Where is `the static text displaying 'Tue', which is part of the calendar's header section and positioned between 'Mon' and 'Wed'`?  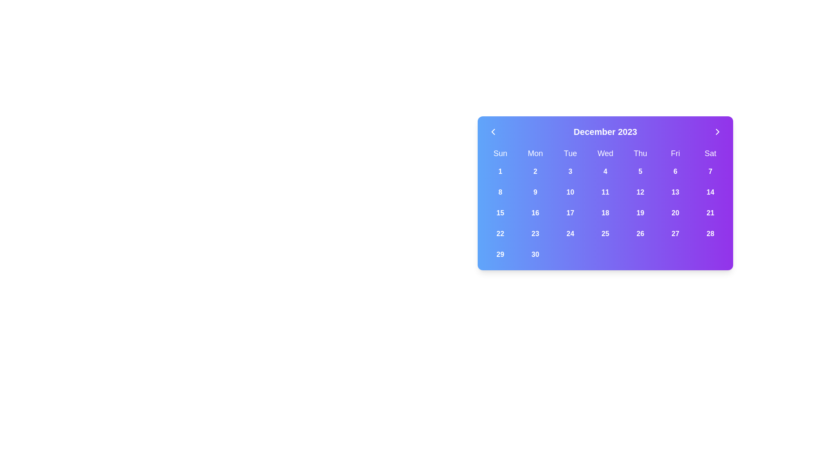 the static text displaying 'Tue', which is part of the calendar's header section and positioned between 'Mon' and 'Wed' is located at coordinates (570, 153).